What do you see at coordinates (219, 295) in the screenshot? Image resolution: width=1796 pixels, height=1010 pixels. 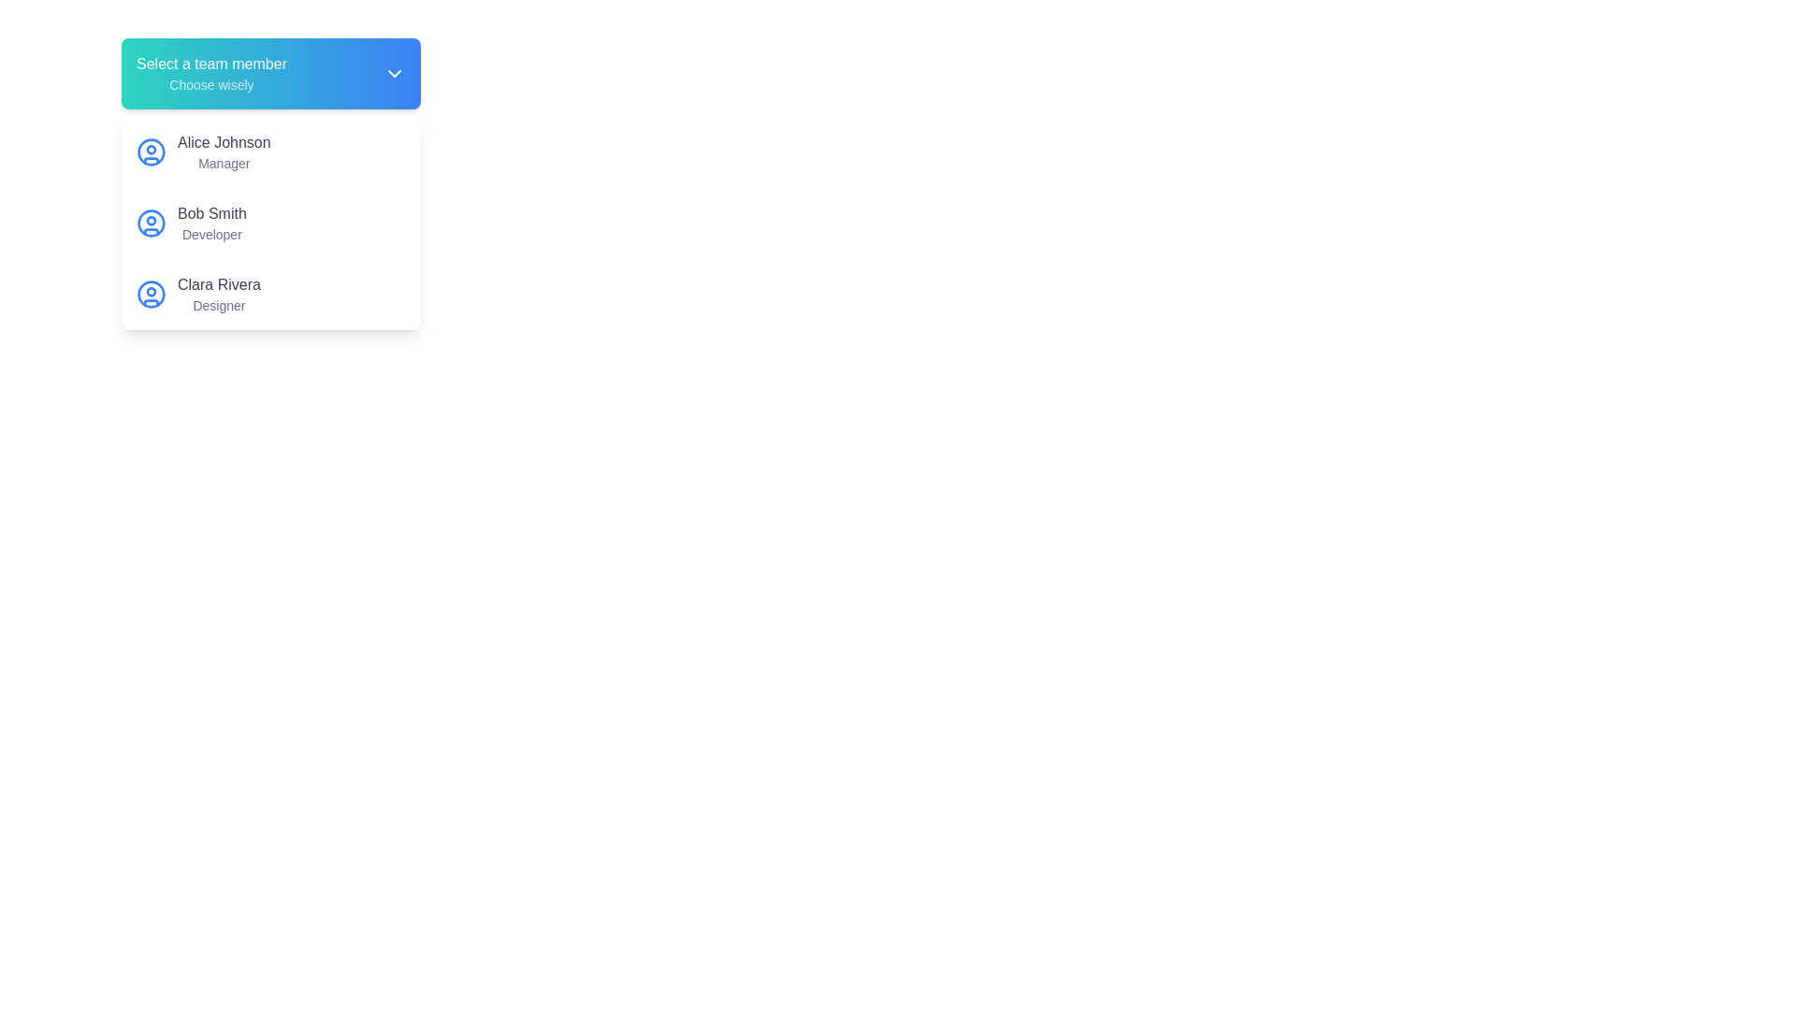 I see `the text element displaying 'Clara Rivera' and their role 'Designer', which is the third entry in the dropdown menu for selecting a team member` at bounding box center [219, 295].